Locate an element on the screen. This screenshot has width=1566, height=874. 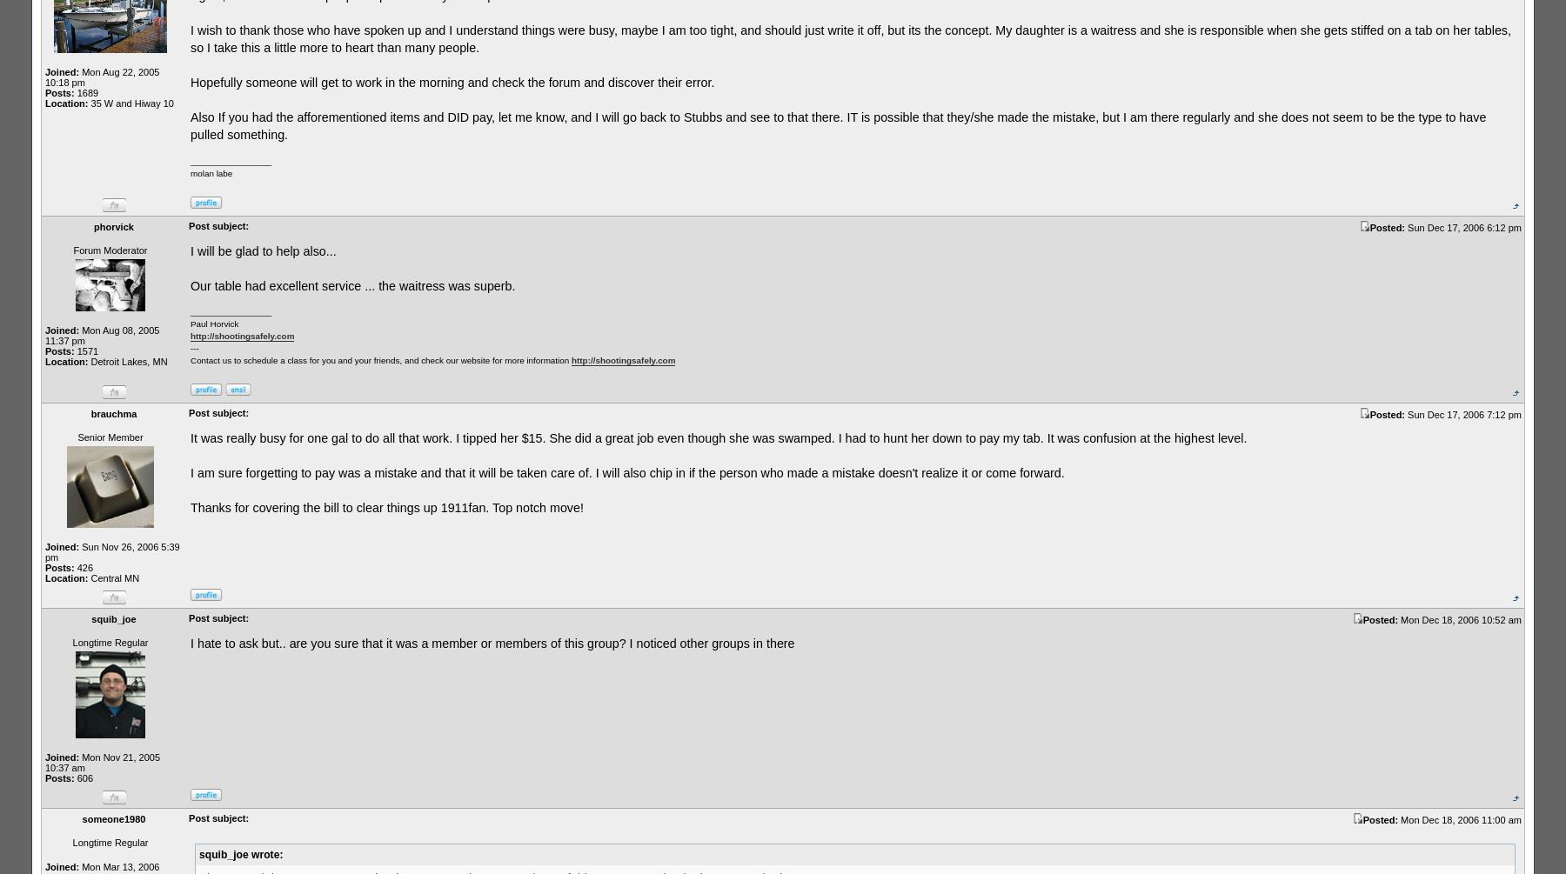
'Central MN' is located at coordinates (86, 577).